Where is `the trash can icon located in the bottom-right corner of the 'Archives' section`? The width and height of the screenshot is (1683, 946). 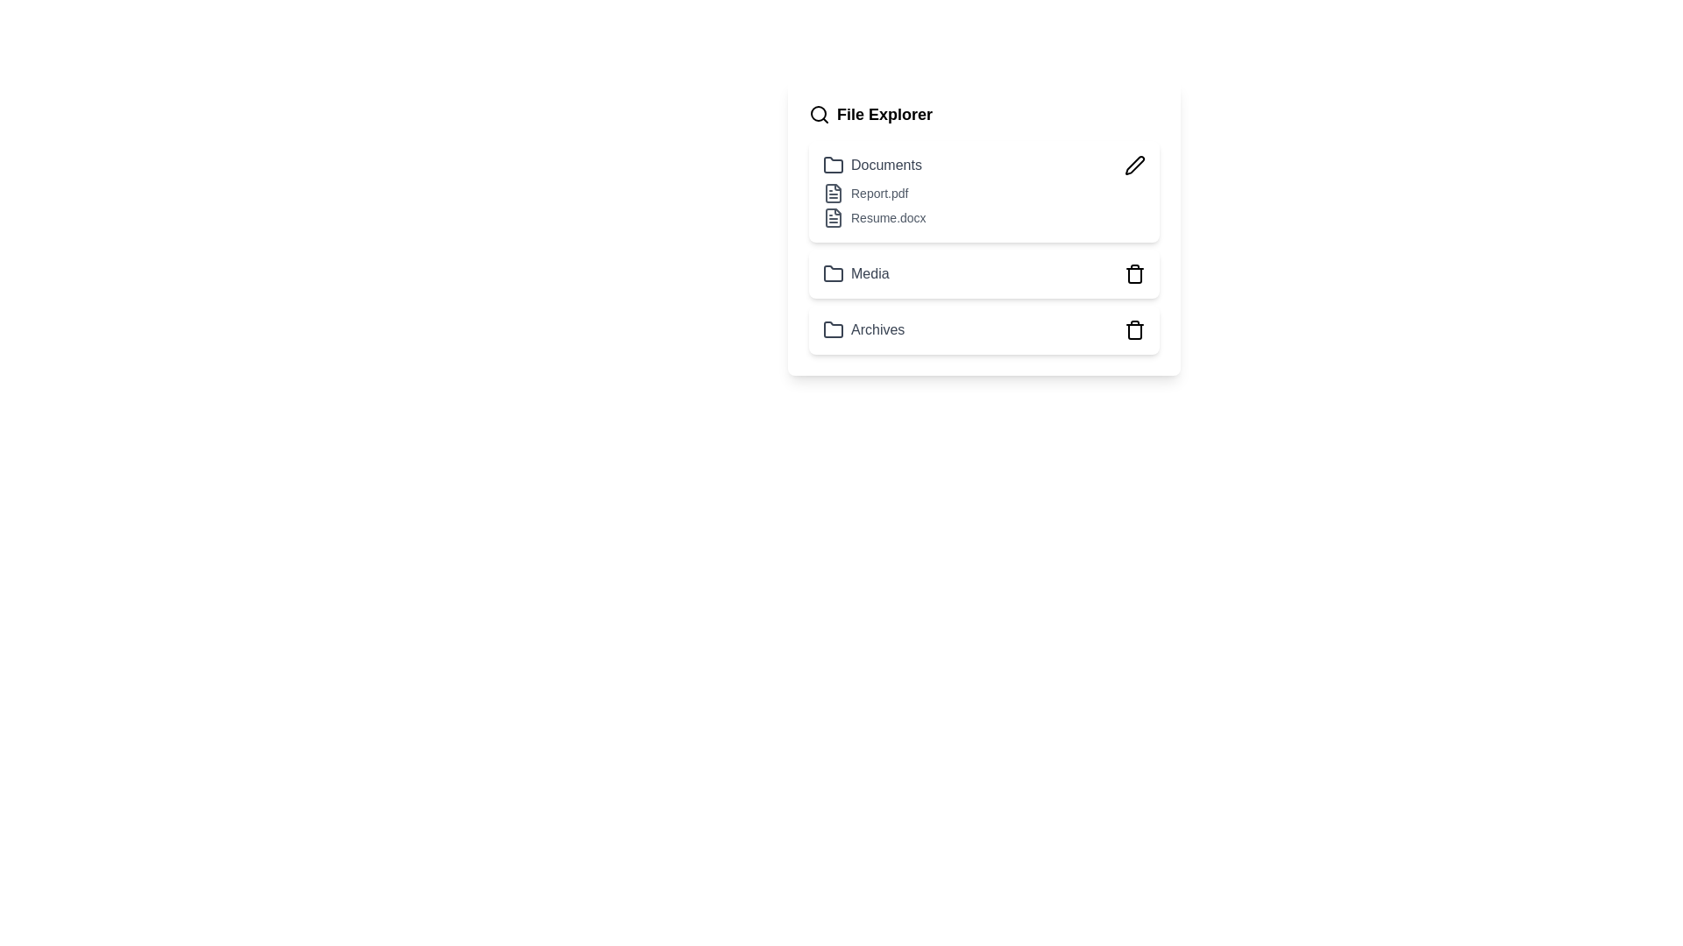 the trash can icon located in the bottom-right corner of the 'Archives' section is located at coordinates (1135, 330).